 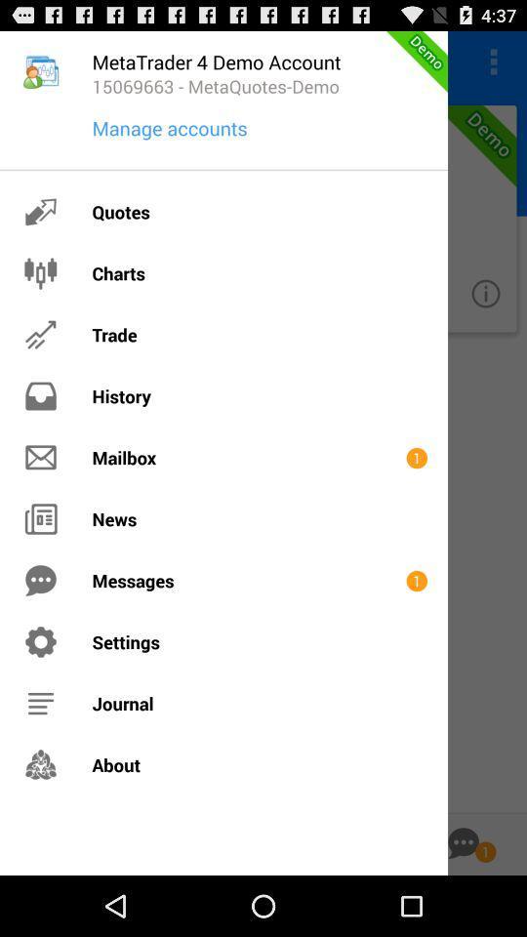 What do you see at coordinates (463, 902) in the screenshot?
I see `the chat icon` at bounding box center [463, 902].